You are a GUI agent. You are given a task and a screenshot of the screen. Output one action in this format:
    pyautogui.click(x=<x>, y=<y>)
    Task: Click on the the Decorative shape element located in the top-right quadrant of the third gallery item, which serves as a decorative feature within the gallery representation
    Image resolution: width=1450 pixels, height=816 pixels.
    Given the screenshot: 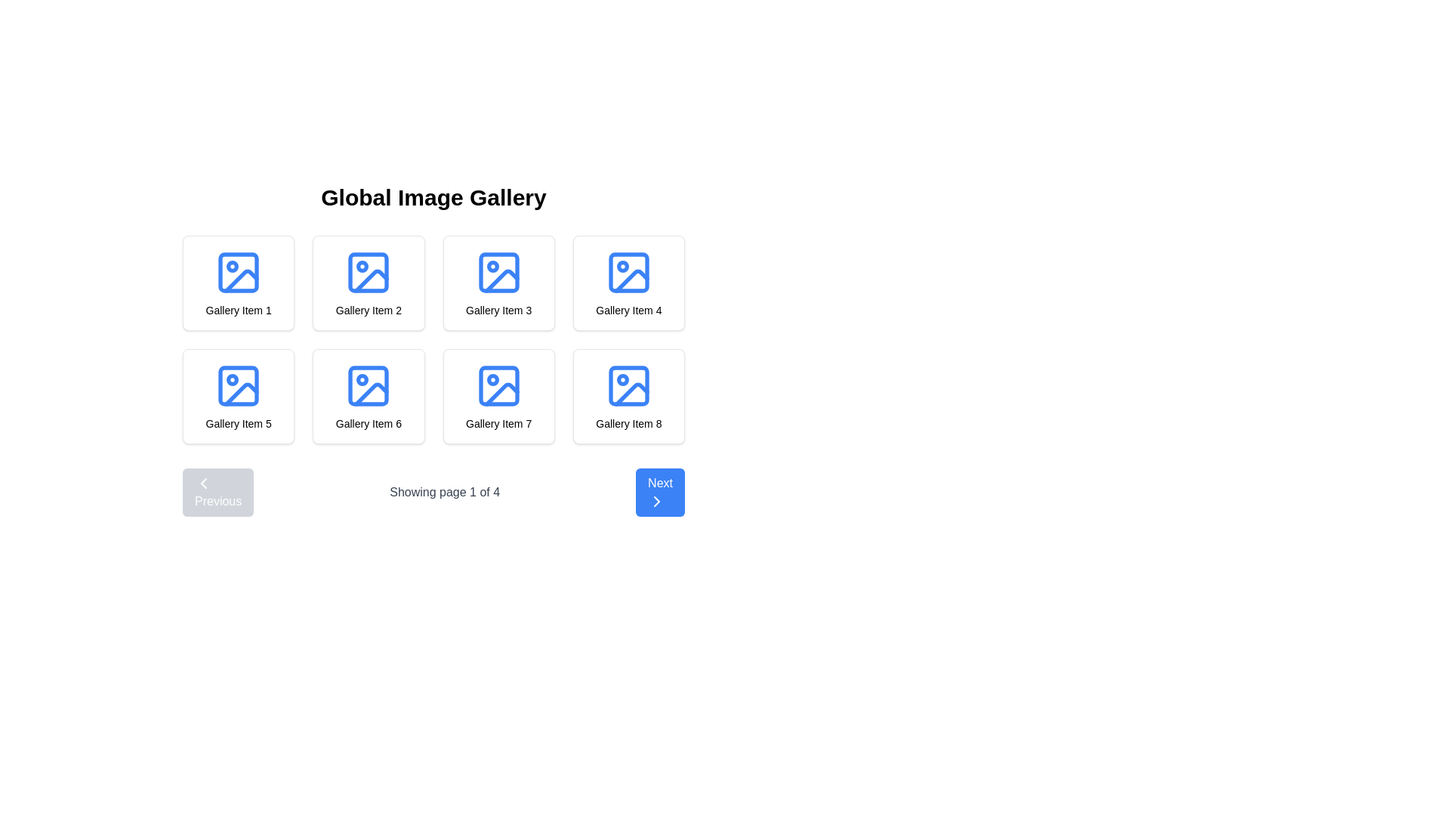 What is the action you would take?
    pyautogui.click(x=498, y=273)
    